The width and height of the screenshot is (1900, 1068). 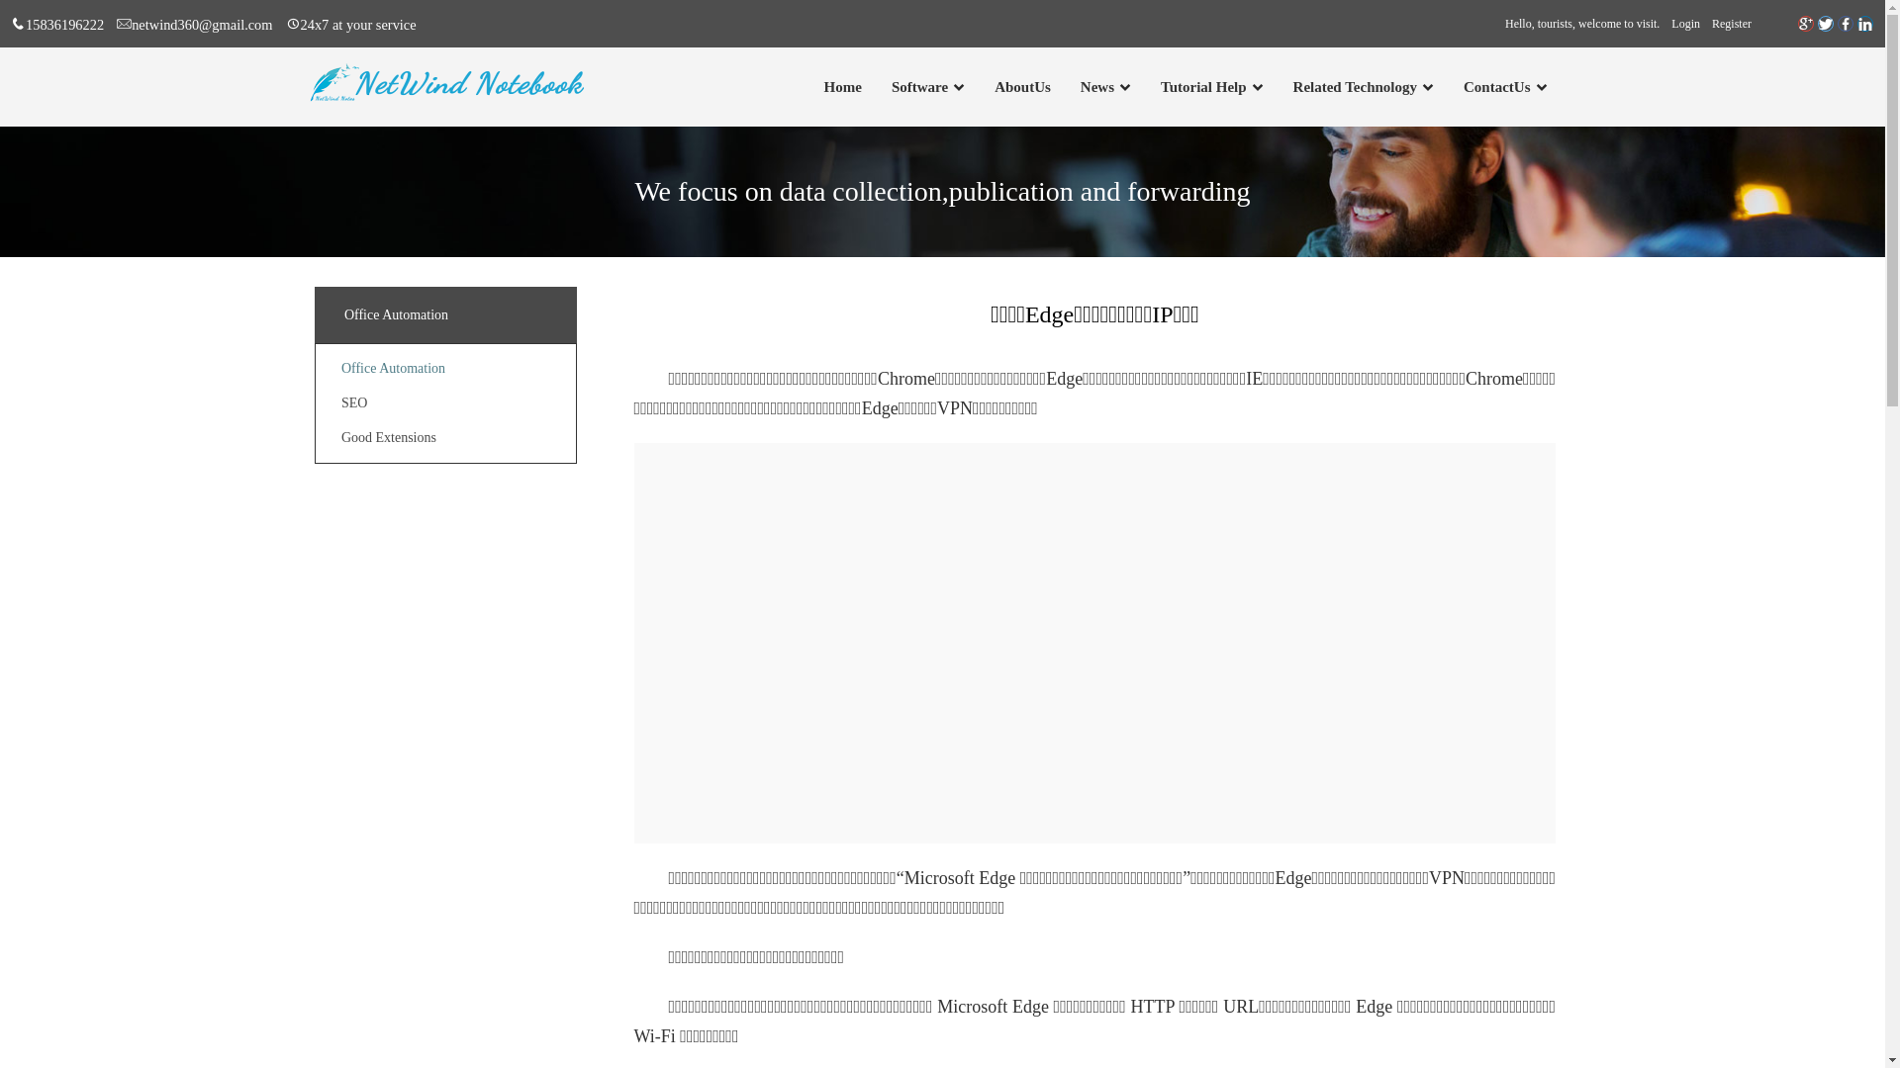 I want to click on 'ContactUs', so click(x=1463, y=86).